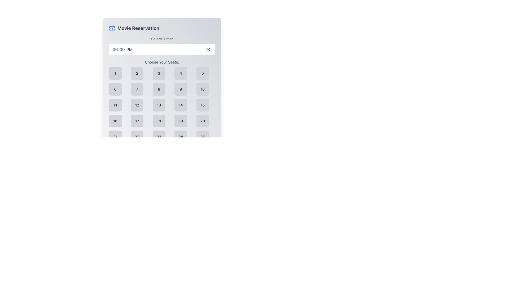  Describe the element at coordinates (202, 89) in the screenshot. I see `the square button with rounded corners displaying the number '10', located` at that location.